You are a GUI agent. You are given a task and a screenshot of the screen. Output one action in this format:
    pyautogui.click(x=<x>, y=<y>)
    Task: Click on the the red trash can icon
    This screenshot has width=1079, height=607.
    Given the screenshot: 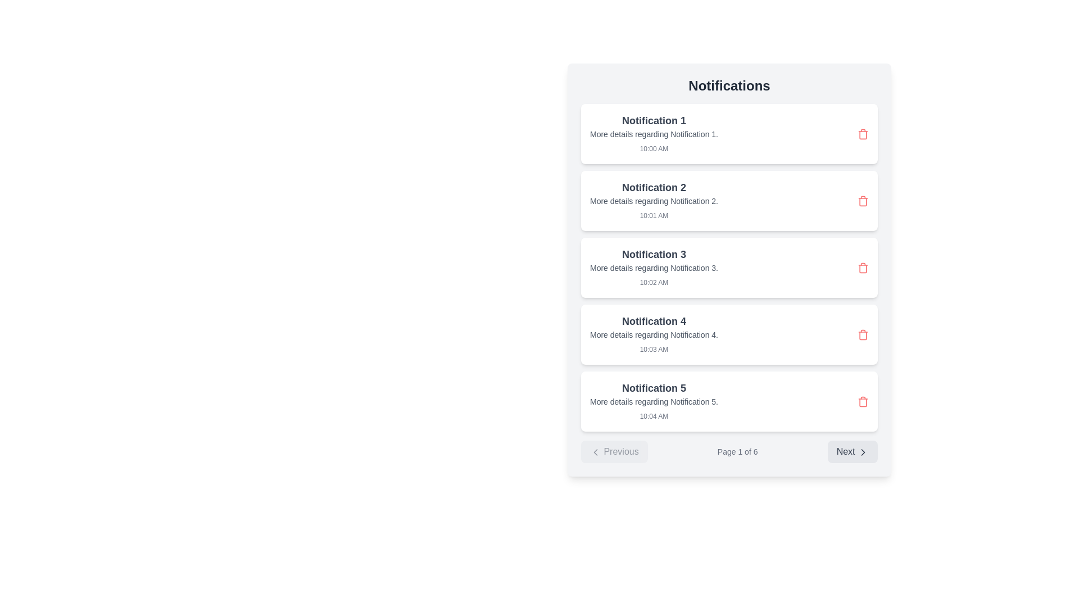 What is the action you would take?
    pyautogui.click(x=863, y=268)
    